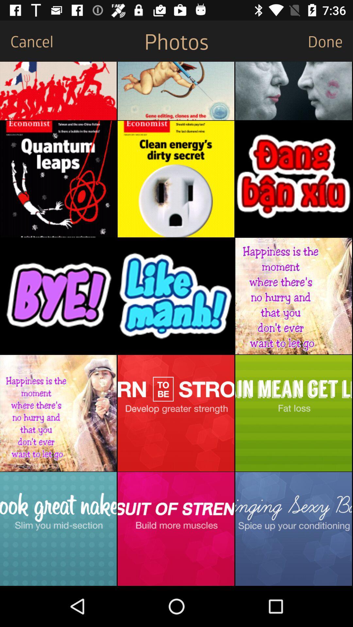 Image resolution: width=353 pixels, height=627 pixels. I want to click on the item at the bottom left corner, so click(58, 529).